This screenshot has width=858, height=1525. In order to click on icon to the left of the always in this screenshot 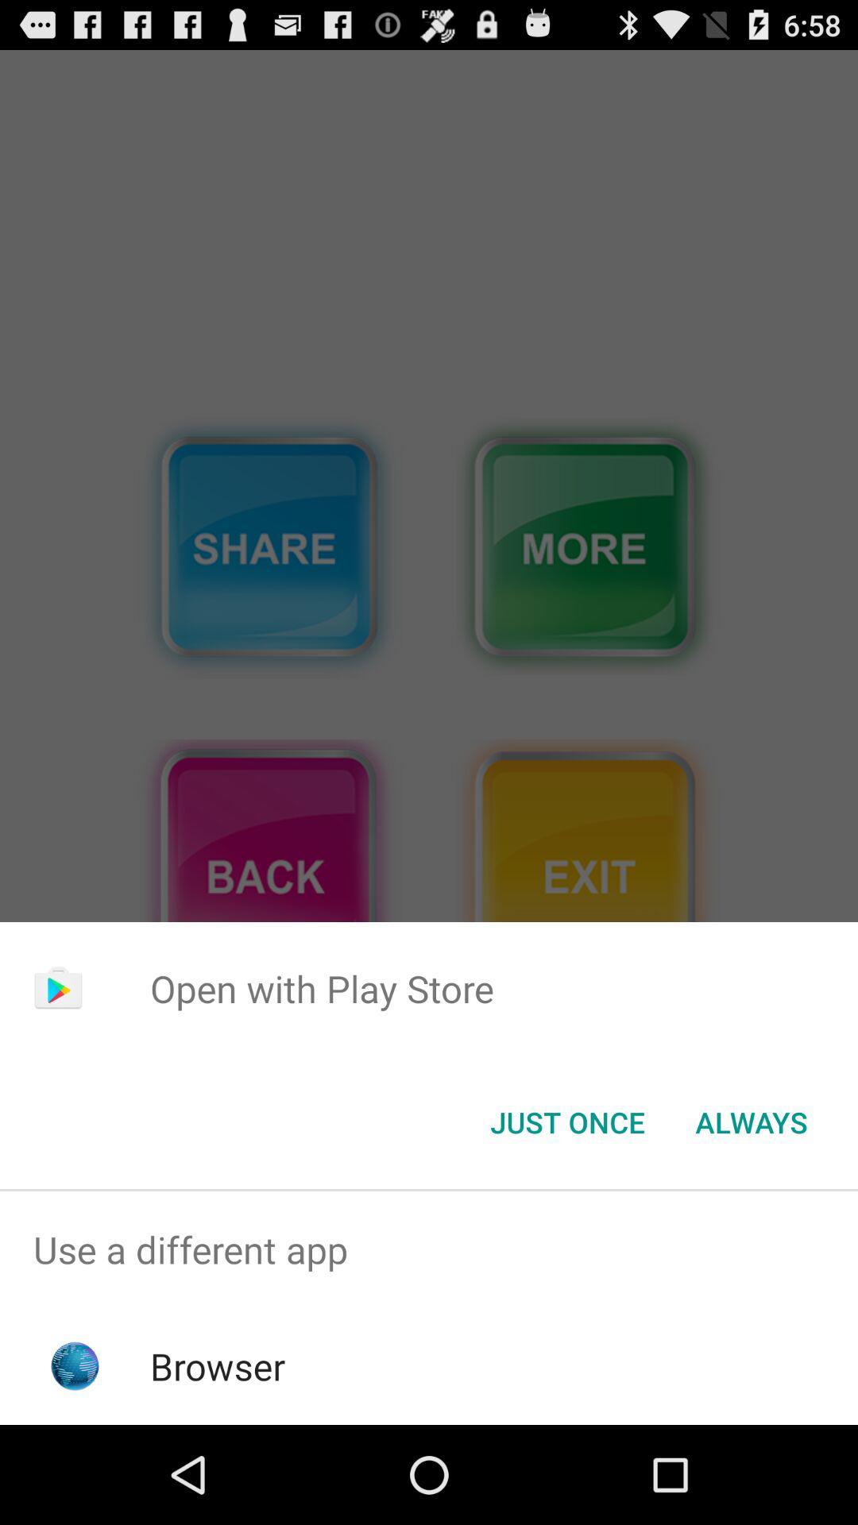, I will do `click(566, 1121)`.